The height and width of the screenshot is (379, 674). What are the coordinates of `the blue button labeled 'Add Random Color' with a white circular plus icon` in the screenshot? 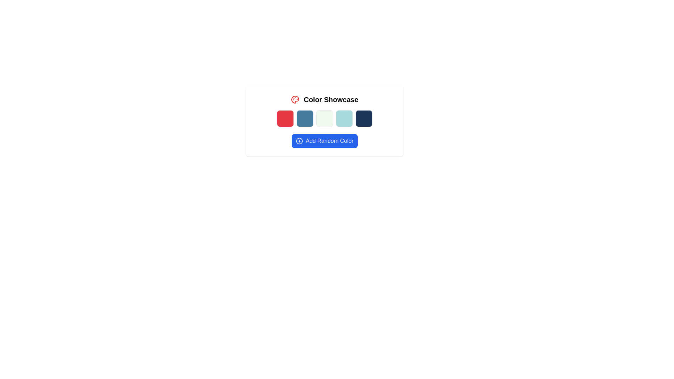 It's located at (324, 141).